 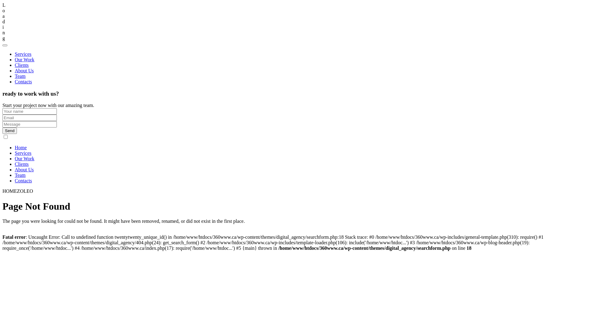 I want to click on 'Contacts', so click(x=23, y=81).